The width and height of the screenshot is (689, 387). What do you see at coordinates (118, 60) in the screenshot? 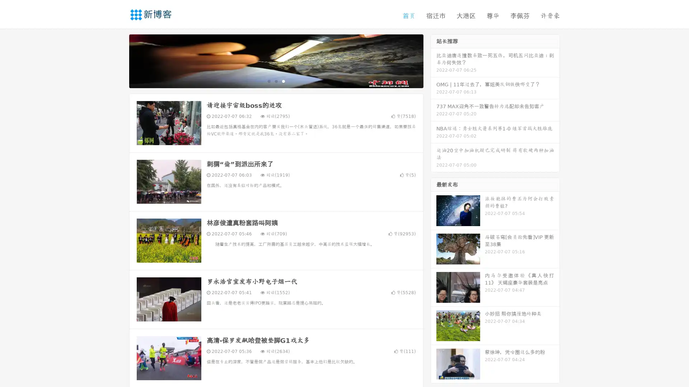
I see `Previous slide` at bounding box center [118, 60].